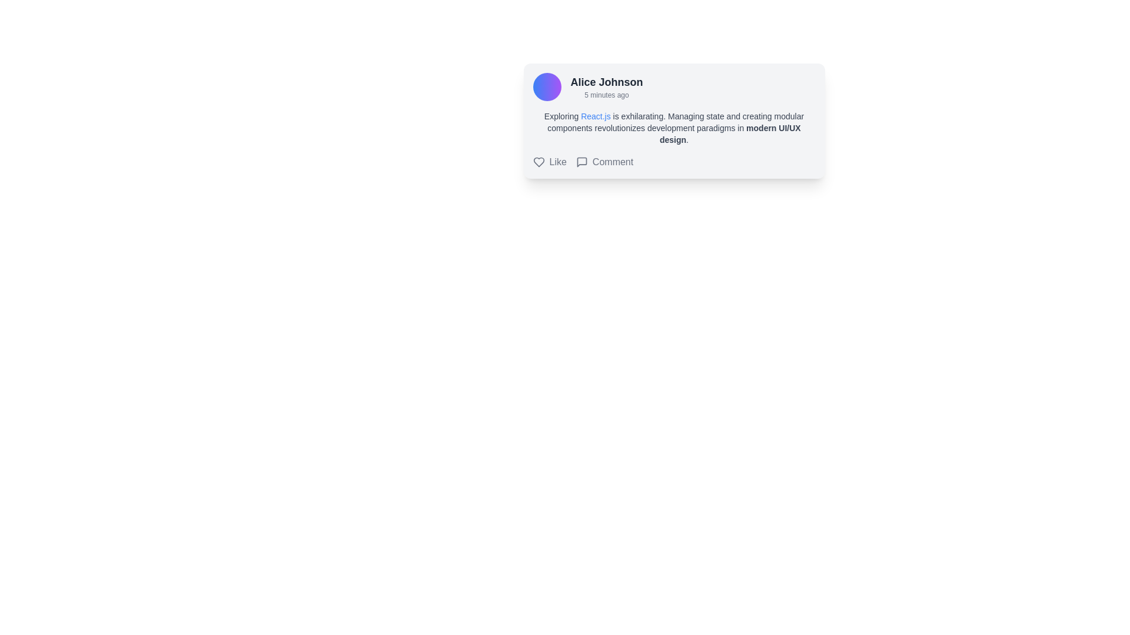 The image size is (1130, 635). Describe the element at coordinates (581, 162) in the screenshot. I see `the comment bubble icon located in the Comment section of the content card, which is adjacent to the 'Comment' text label` at that location.